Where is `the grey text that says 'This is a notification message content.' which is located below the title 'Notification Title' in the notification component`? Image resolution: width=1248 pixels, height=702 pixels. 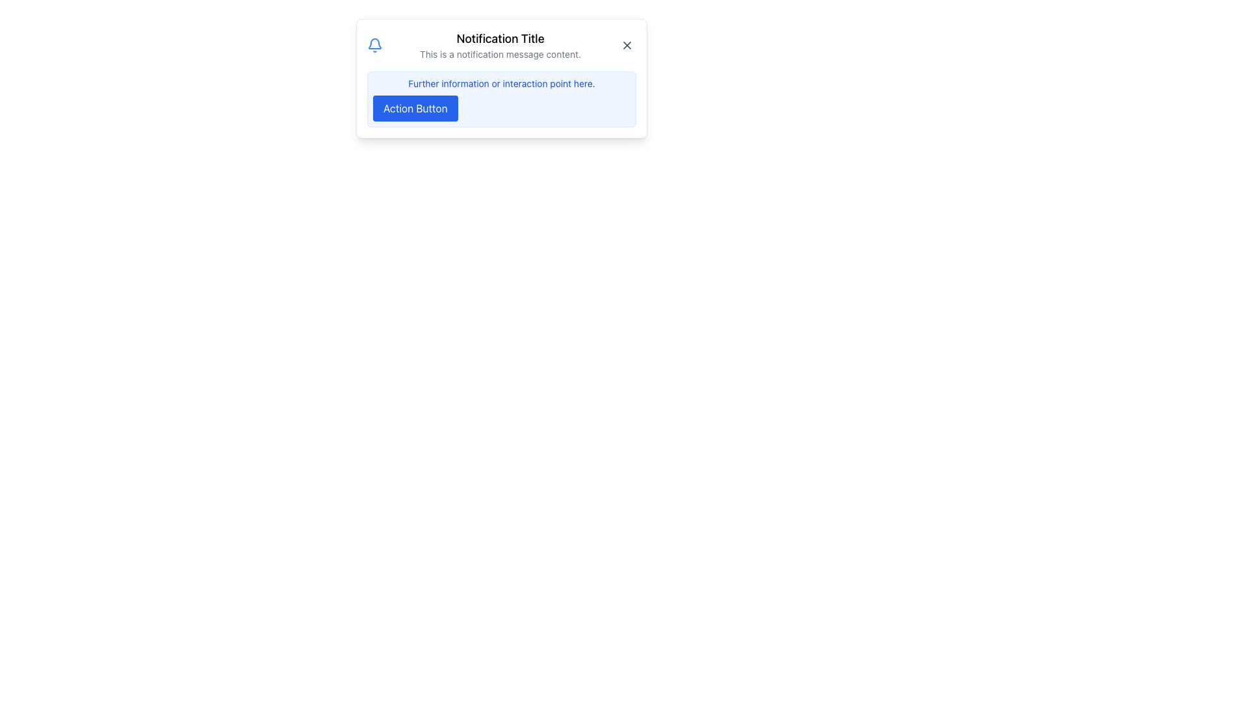
the grey text that says 'This is a notification message content.' which is located below the title 'Notification Title' in the notification component is located at coordinates (499, 54).